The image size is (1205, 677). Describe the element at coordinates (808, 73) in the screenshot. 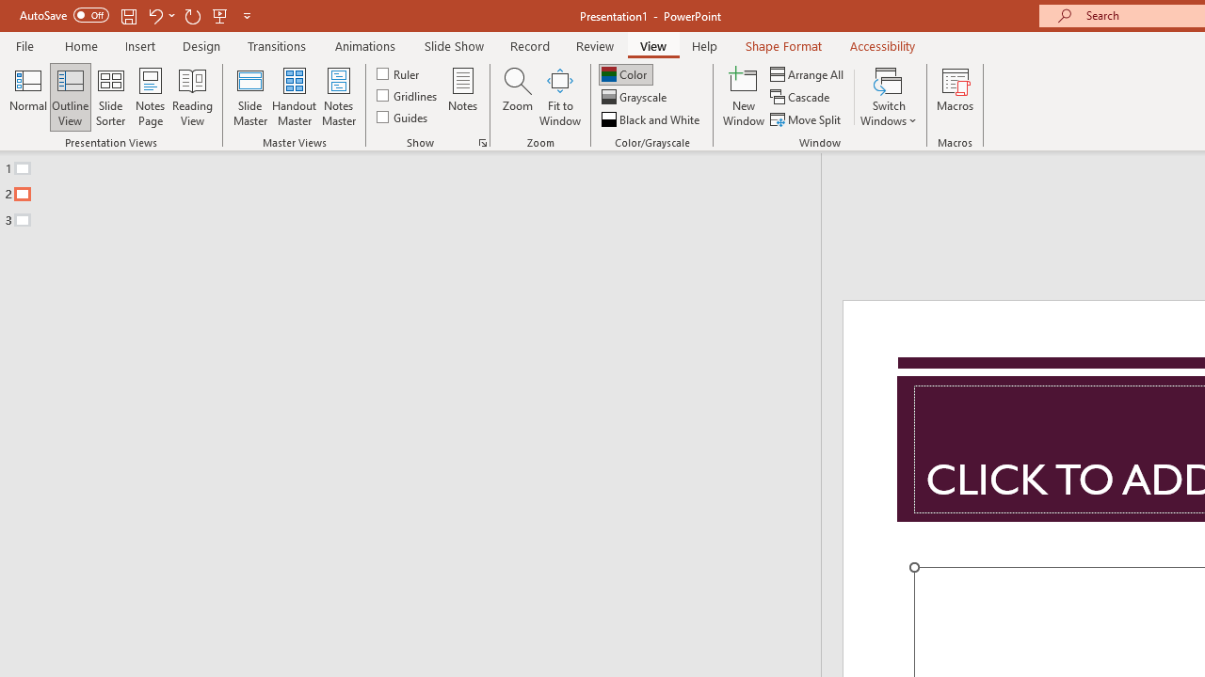

I see `'Arrange All'` at that location.